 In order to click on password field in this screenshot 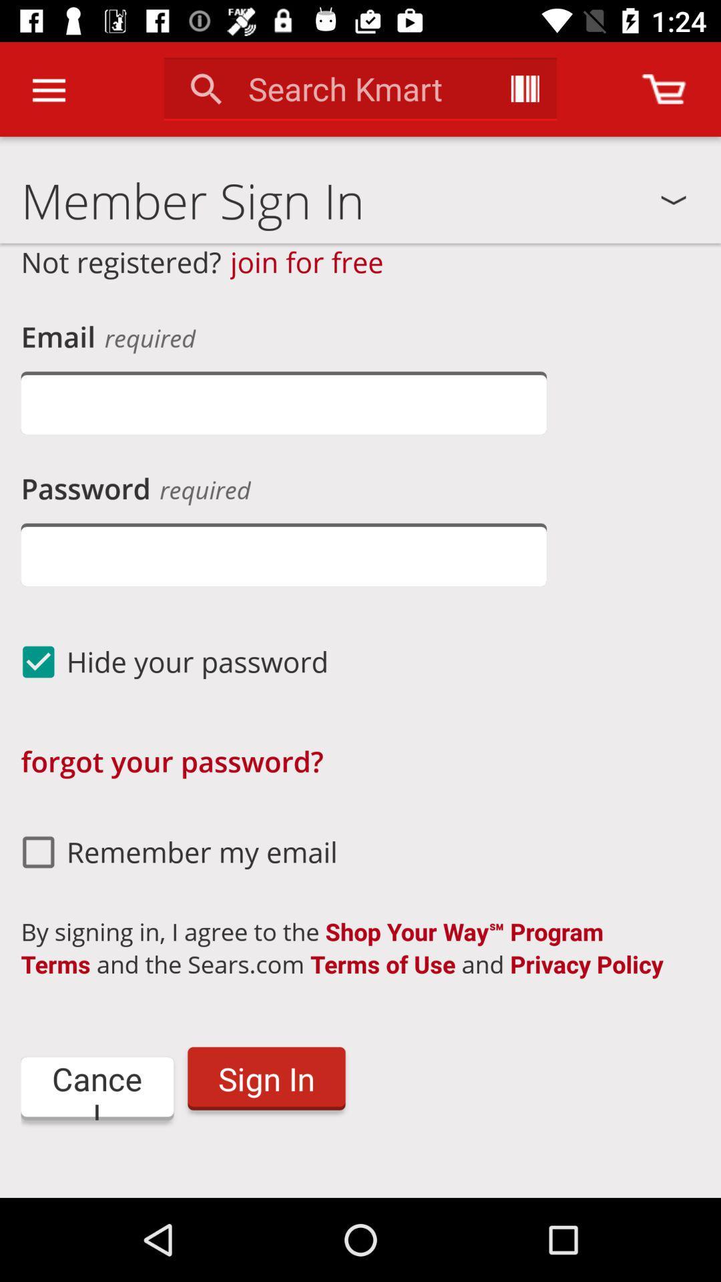, I will do `click(283, 554)`.